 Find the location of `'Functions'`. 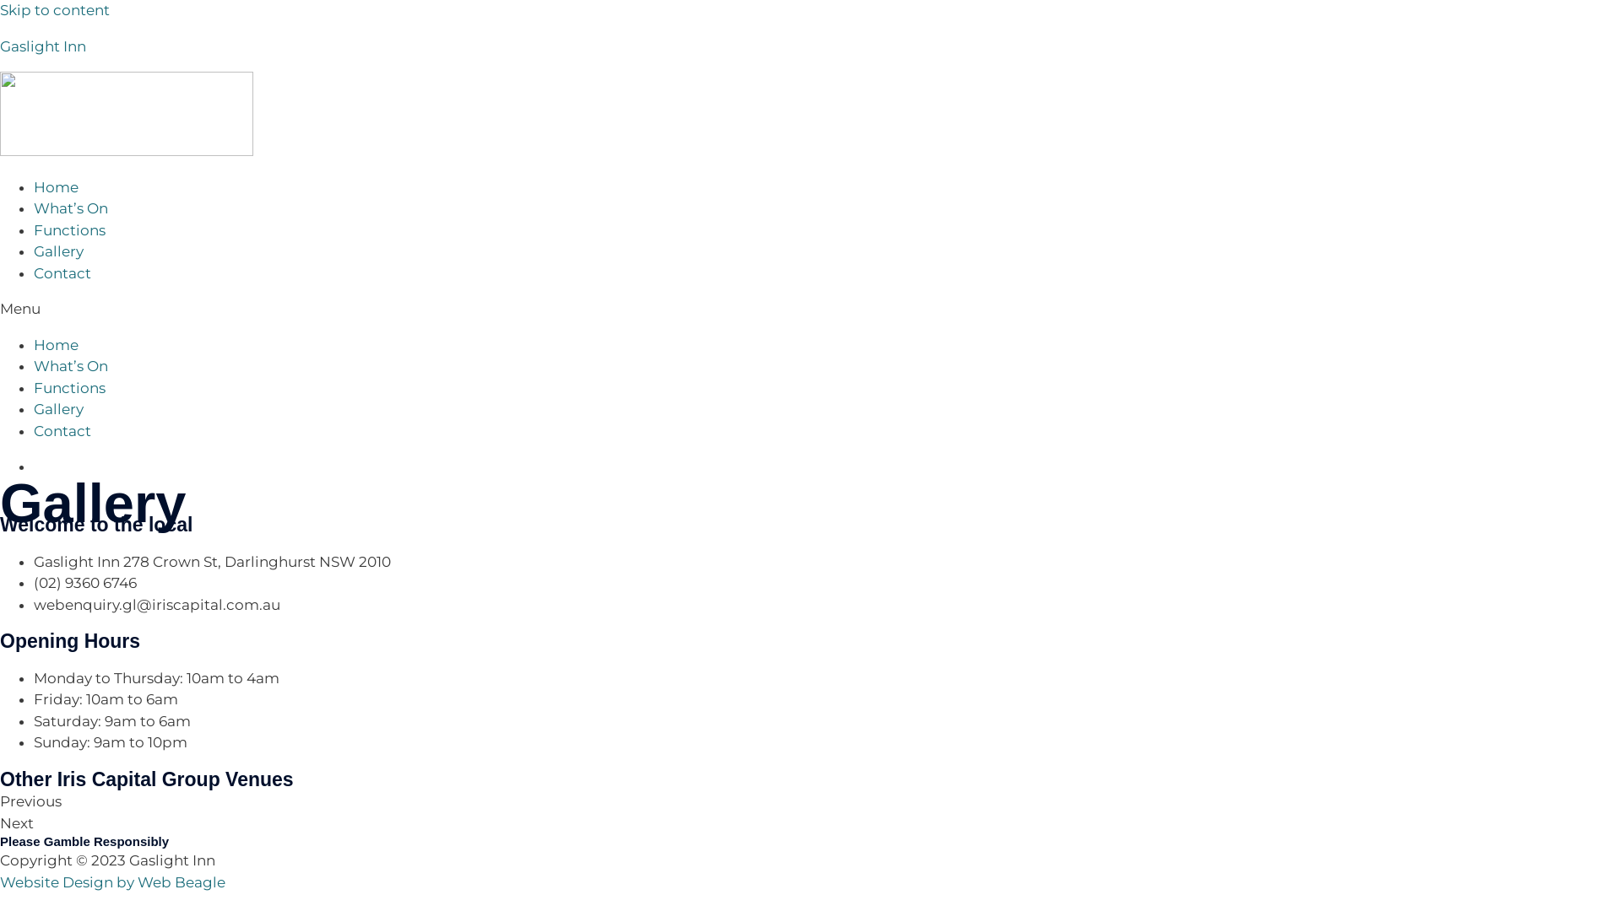

'Functions' is located at coordinates (68, 229).